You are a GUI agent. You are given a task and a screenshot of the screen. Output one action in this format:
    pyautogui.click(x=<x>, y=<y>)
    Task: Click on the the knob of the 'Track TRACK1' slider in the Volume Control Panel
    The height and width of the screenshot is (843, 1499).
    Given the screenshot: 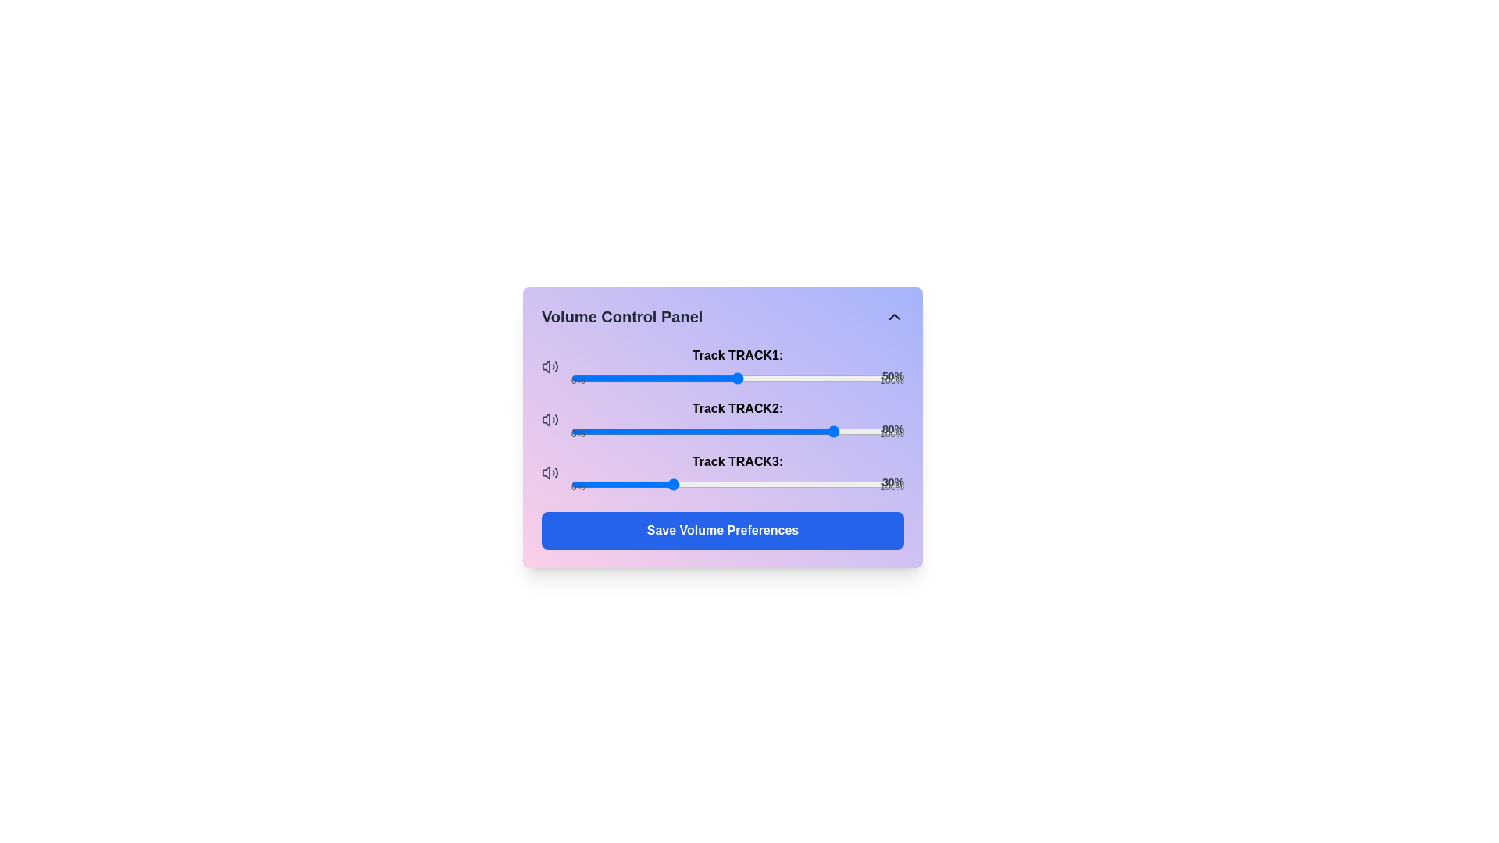 What is the action you would take?
    pyautogui.click(x=737, y=377)
    